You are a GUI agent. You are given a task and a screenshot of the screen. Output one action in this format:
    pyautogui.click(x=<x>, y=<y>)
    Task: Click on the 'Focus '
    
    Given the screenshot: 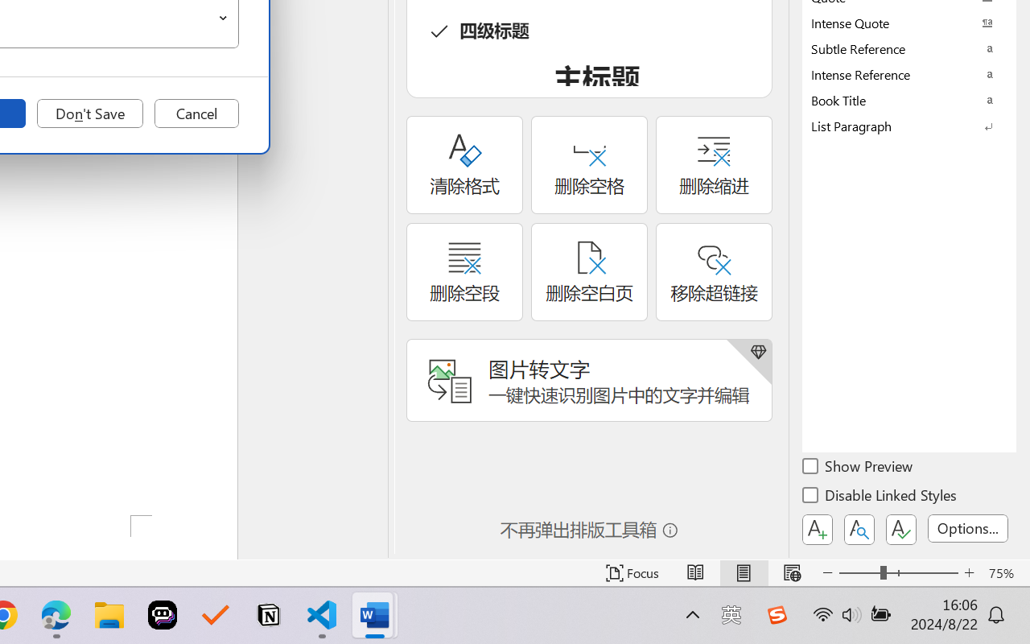 What is the action you would take?
    pyautogui.click(x=632, y=572)
    